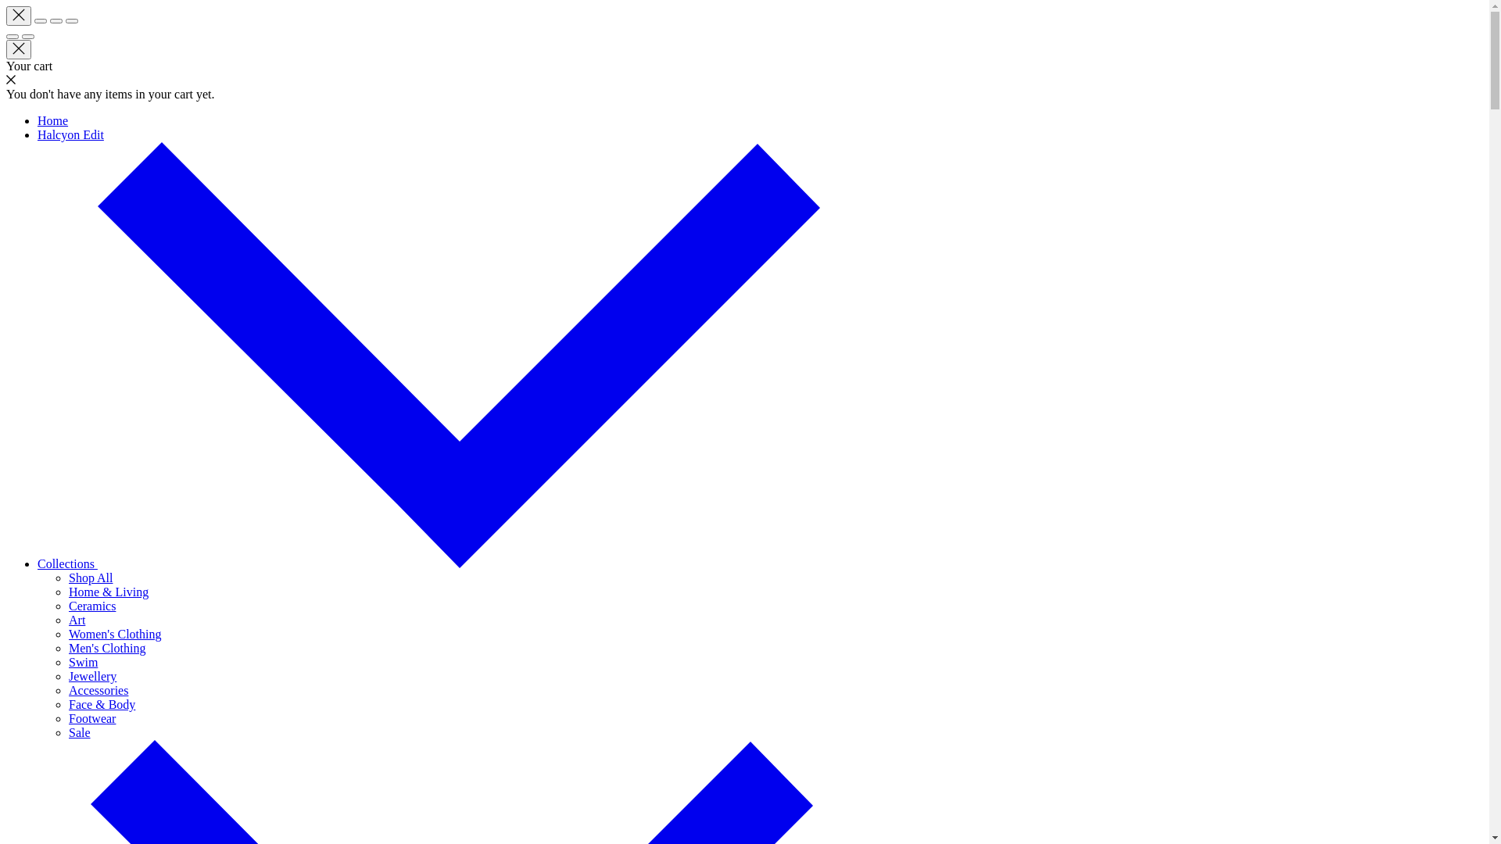 This screenshot has height=844, width=1501. I want to click on 'Next (arrow right)', so click(27, 35).